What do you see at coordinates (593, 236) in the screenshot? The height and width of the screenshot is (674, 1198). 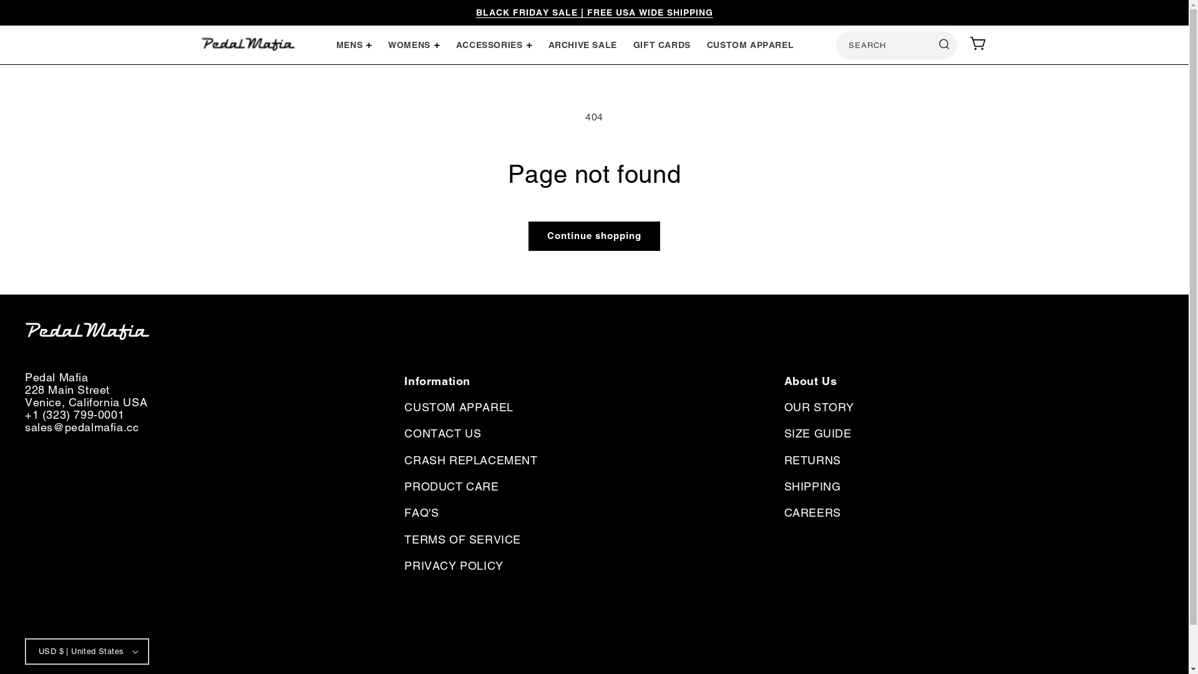 I see `'Continue shopping'` at bounding box center [593, 236].